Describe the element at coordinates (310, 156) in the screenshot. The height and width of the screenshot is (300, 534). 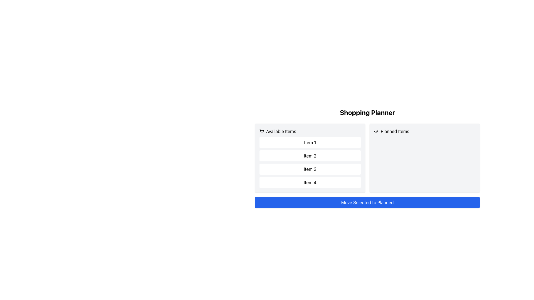
I see `the 'Item 2' button in the 'Available Items' section of the 'Shopping Planner' interface` at that location.